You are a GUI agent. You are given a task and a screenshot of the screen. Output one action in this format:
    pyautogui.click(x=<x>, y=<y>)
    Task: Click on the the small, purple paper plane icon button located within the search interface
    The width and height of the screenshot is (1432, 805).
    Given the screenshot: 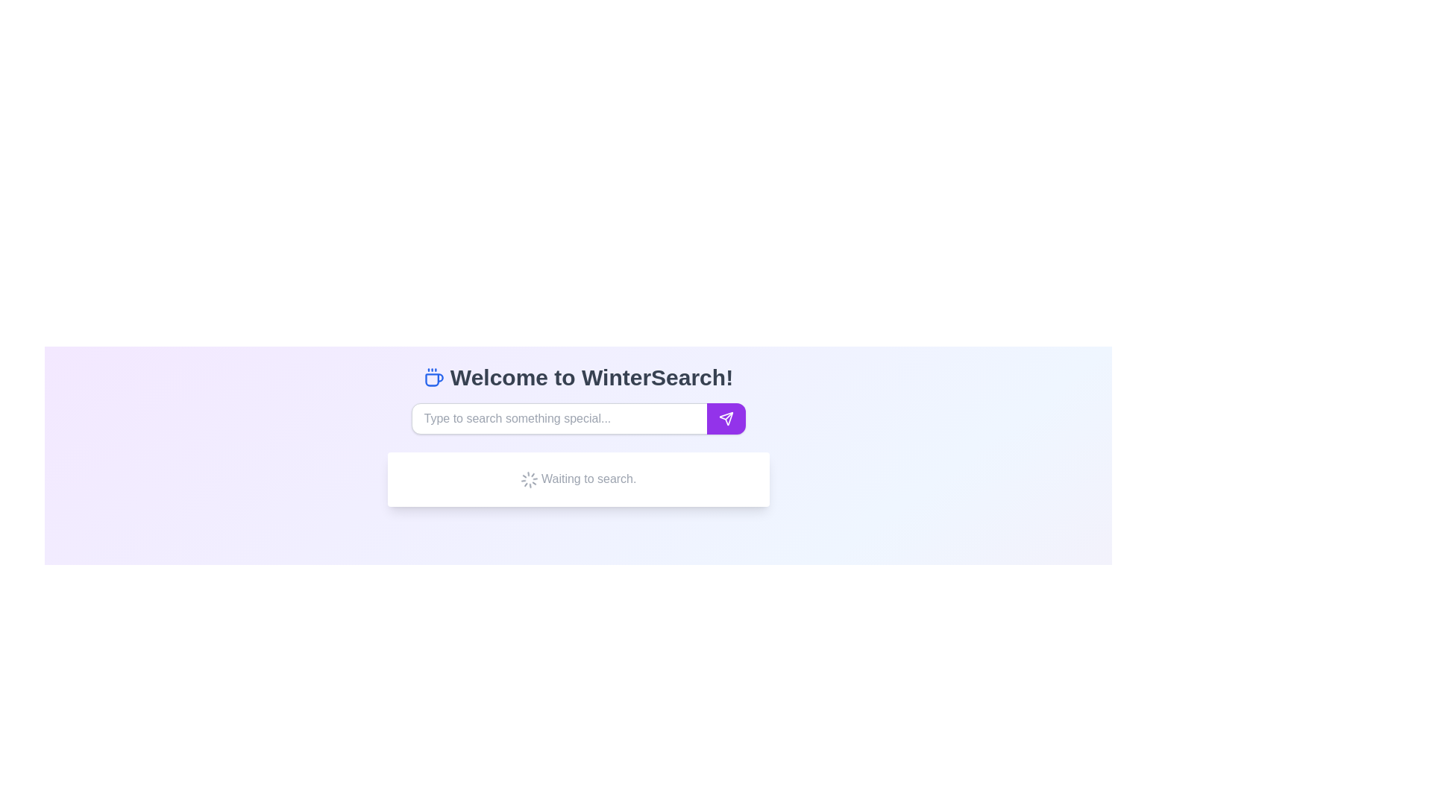 What is the action you would take?
    pyautogui.click(x=726, y=419)
    